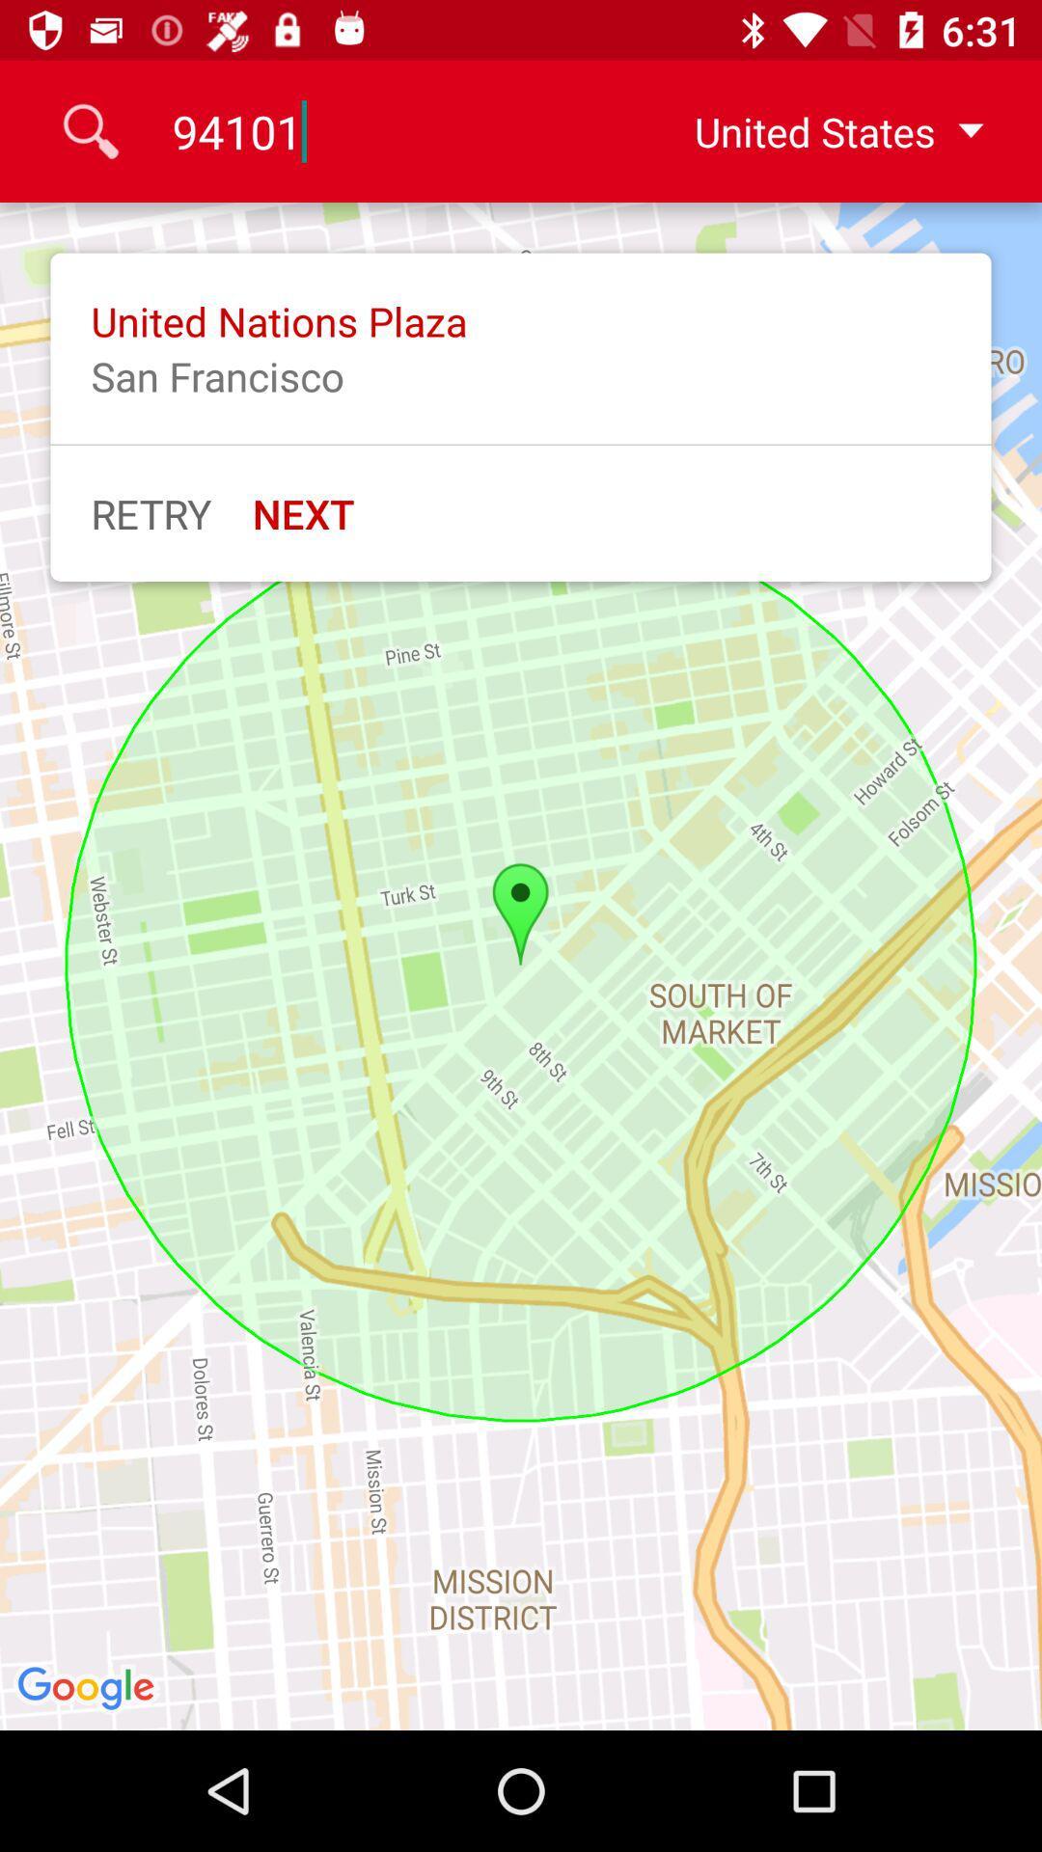 The image size is (1042, 1852). What do you see at coordinates (151, 513) in the screenshot?
I see `item next to next item` at bounding box center [151, 513].